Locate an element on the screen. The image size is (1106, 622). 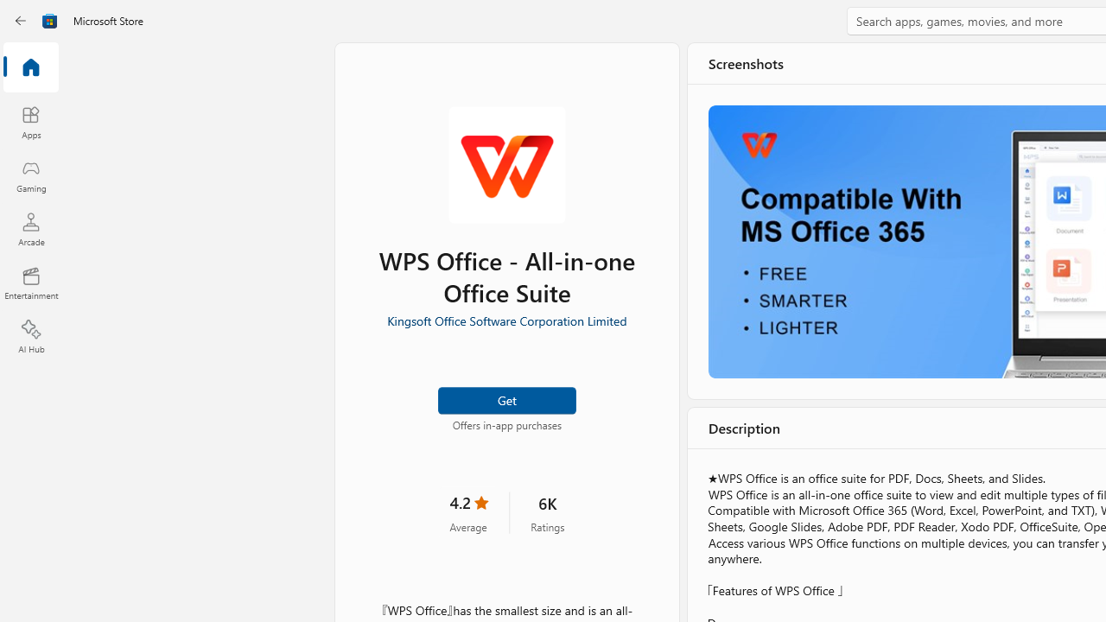
'Class: Image' is located at coordinates (50, 21).